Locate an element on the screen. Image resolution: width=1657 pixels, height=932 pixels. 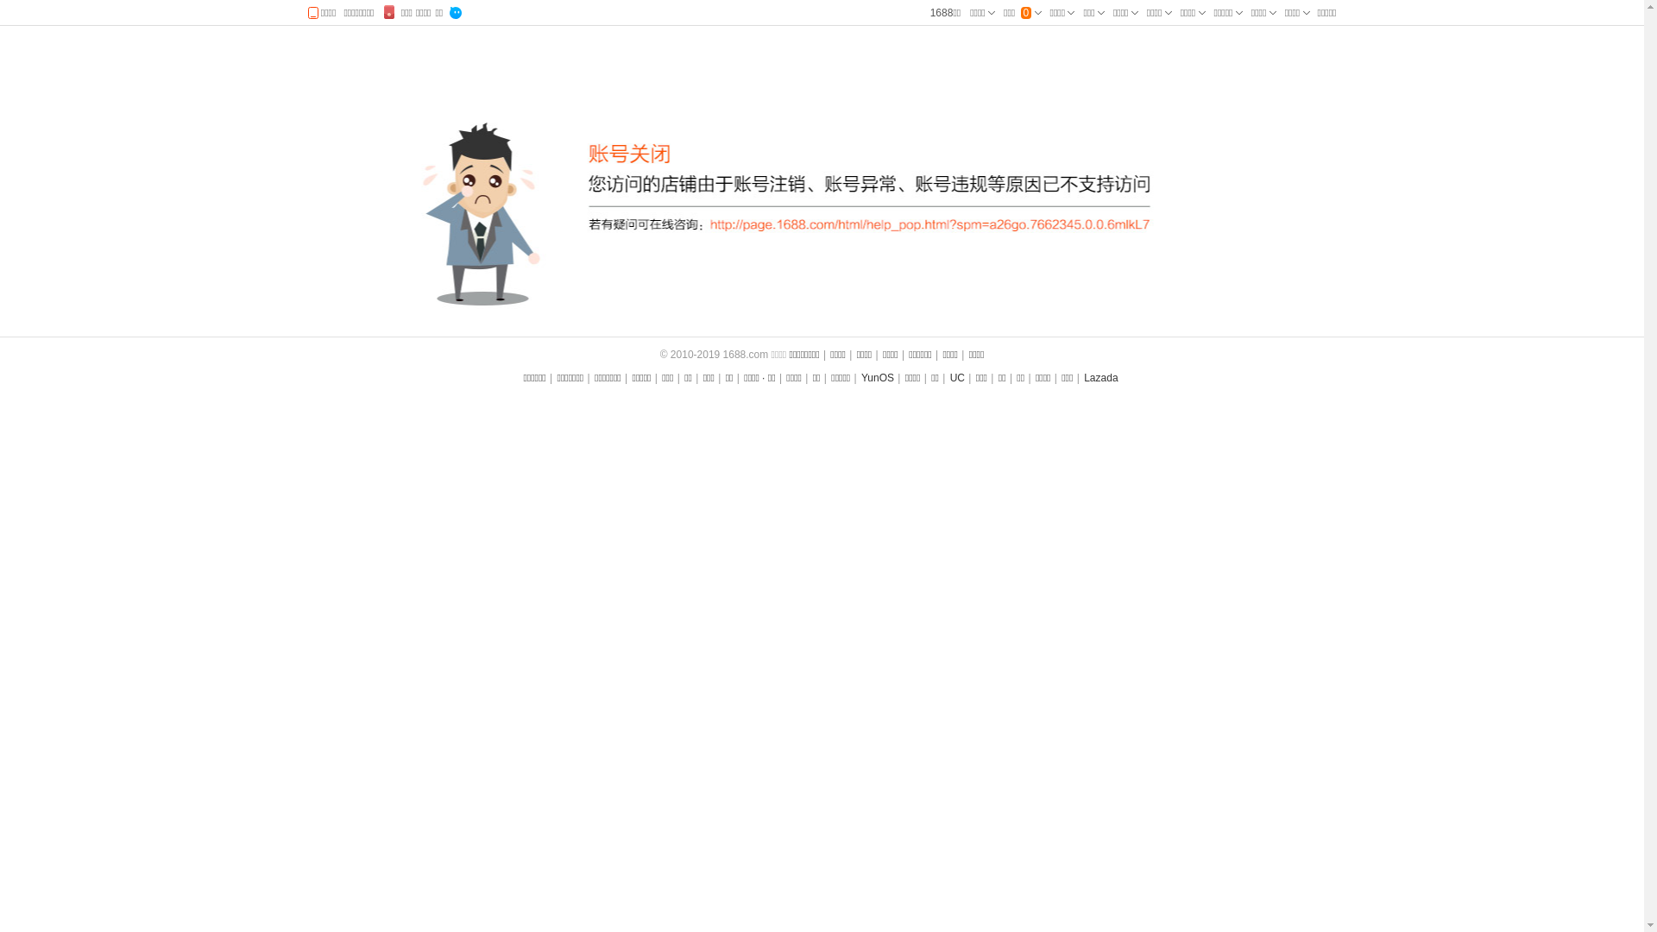
'Lazada' is located at coordinates (1099, 377).